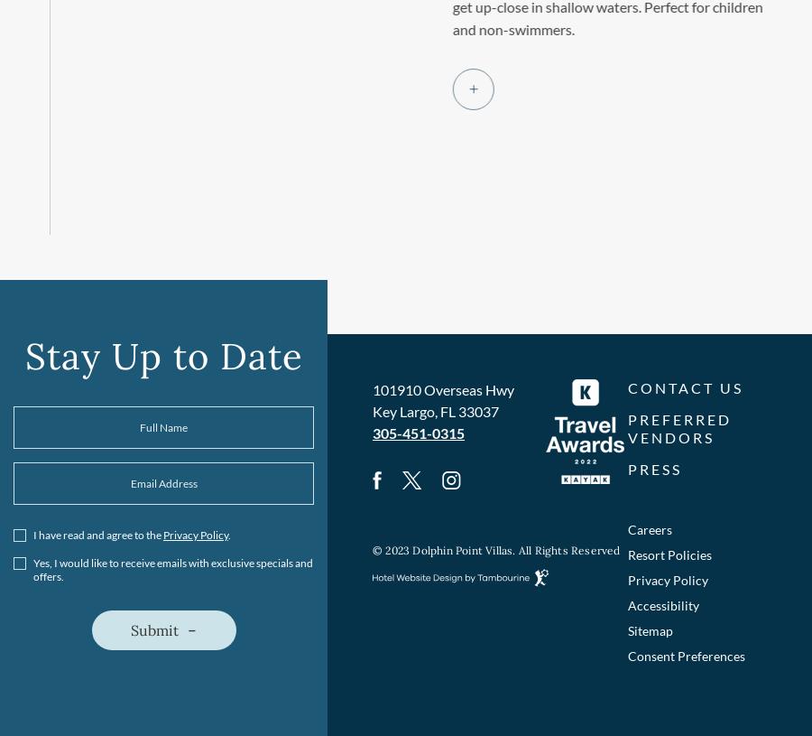 The image size is (812, 736). What do you see at coordinates (662, 604) in the screenshot?
I see `'Accessibility'` at bounding box center [662, 604].